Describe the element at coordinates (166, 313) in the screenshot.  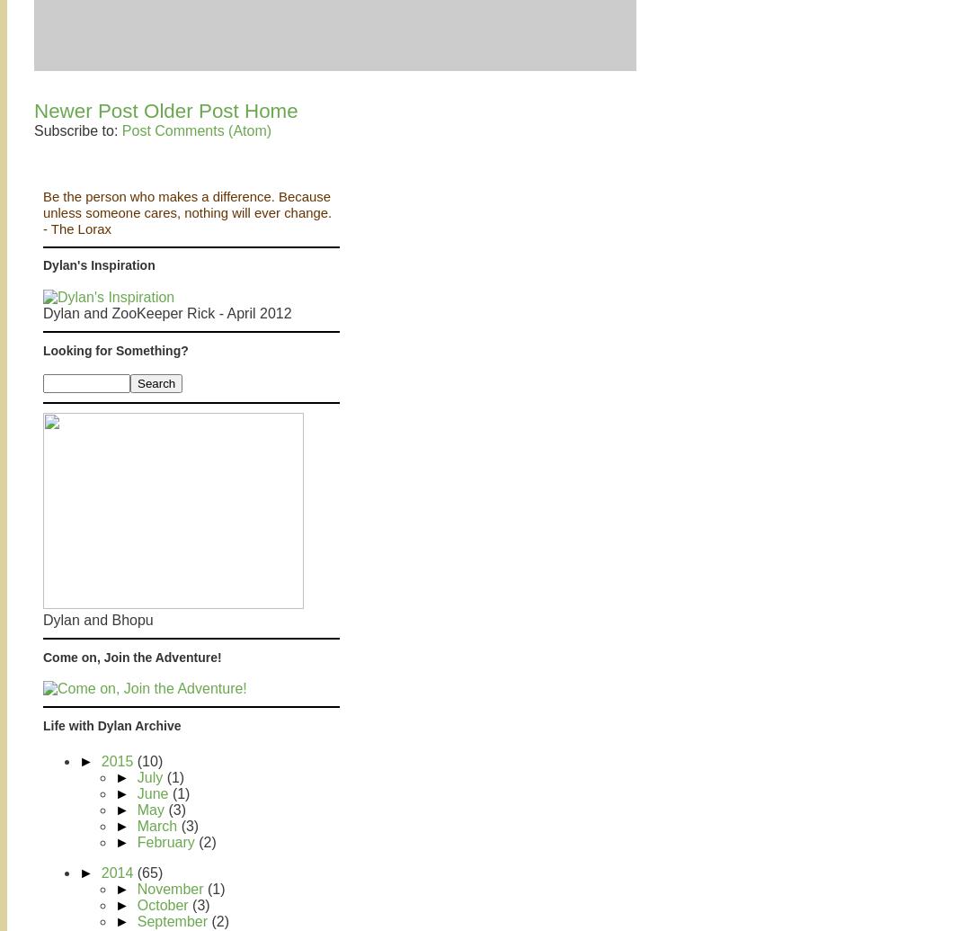
I see `'Dylan and ZooKeeper Rick - April 2012'` at that location.